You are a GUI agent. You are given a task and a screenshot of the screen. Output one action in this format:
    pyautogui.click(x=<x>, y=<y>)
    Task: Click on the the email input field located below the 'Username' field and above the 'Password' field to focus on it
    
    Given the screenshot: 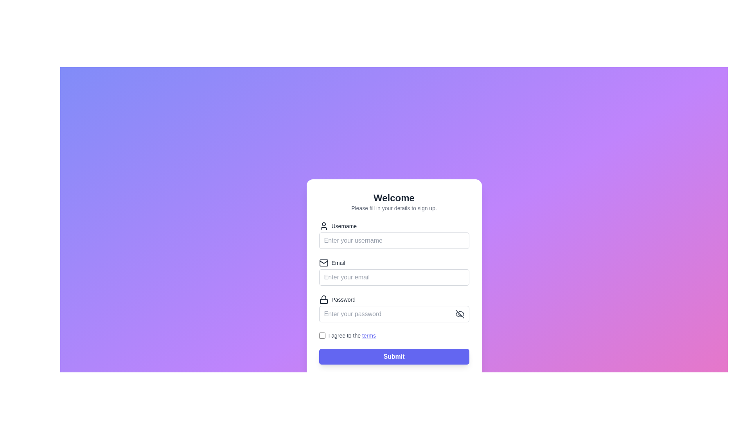 What is the action you would take?
    pyautogui.click(x=394, y=271)
    